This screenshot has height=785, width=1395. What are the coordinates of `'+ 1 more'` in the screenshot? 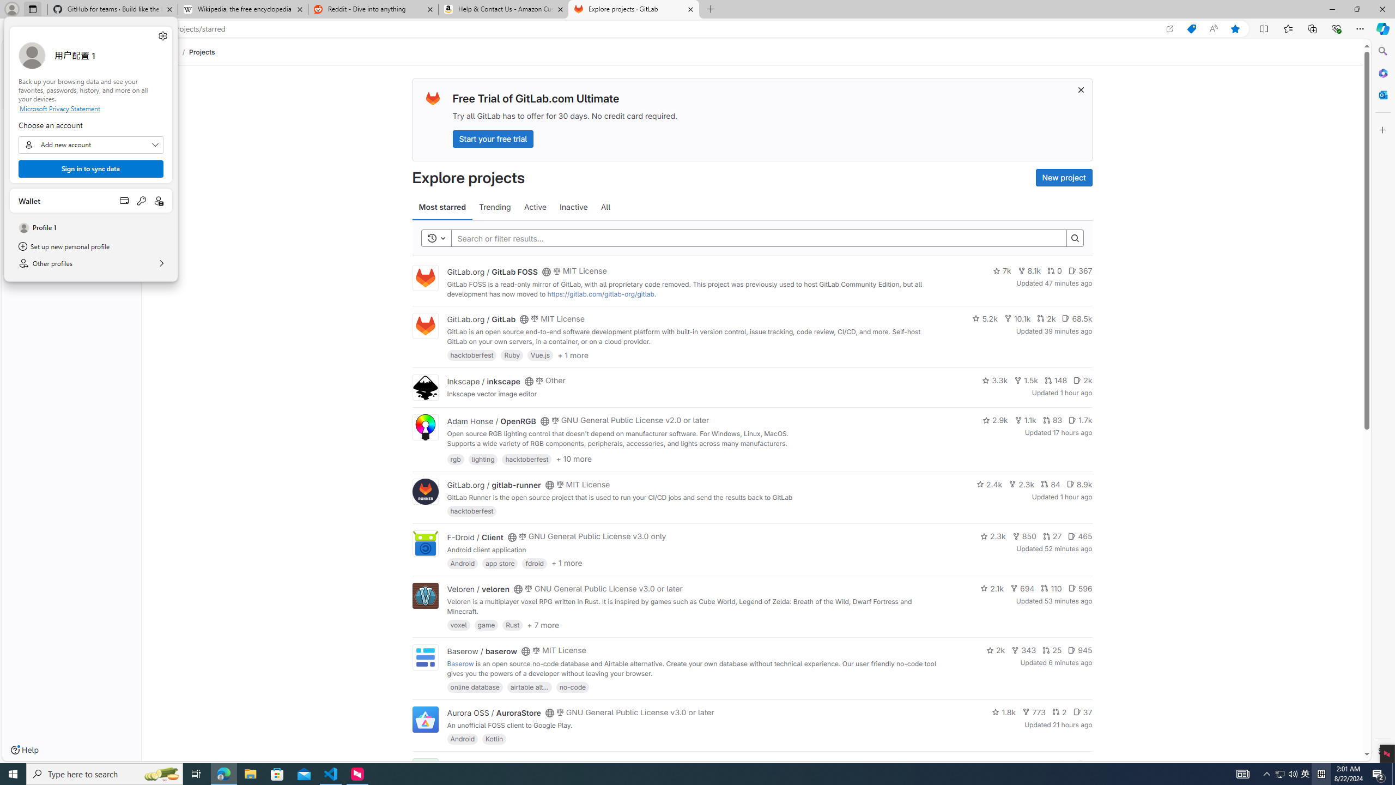 It's located at (566, 563).